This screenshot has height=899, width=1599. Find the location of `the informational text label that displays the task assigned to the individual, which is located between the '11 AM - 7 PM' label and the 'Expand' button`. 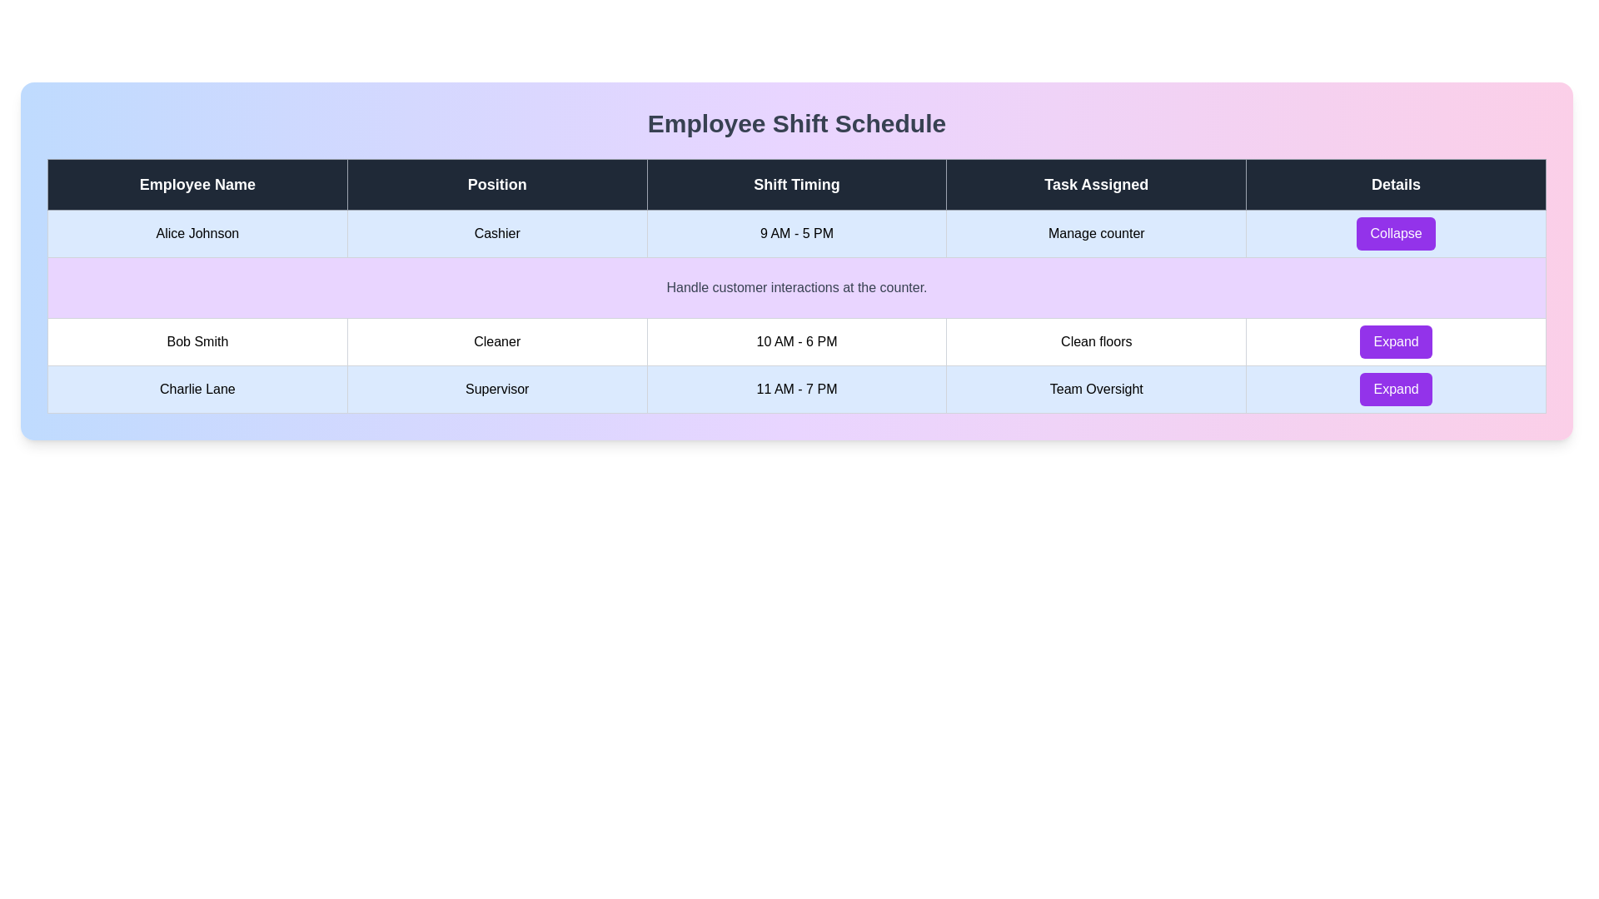

the informational text label that displays the task assigned to the individual, which is located between the '11 AM - 7 PM' label and the 'Expand' button is located at coordinates (1096, 389).